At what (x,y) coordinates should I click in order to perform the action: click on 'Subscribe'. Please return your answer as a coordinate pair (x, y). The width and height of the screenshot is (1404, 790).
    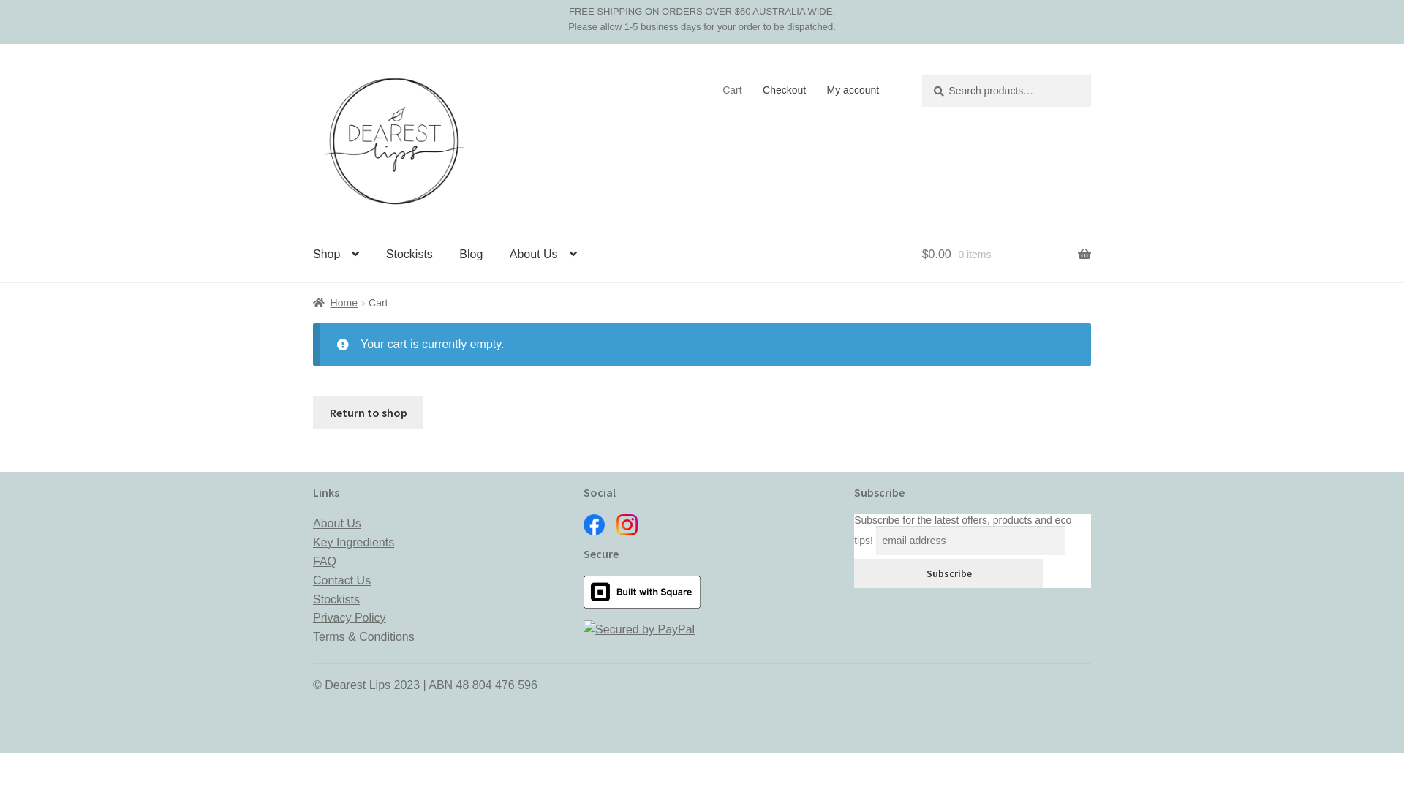
    Looking at the image, I should click on (853, 572).